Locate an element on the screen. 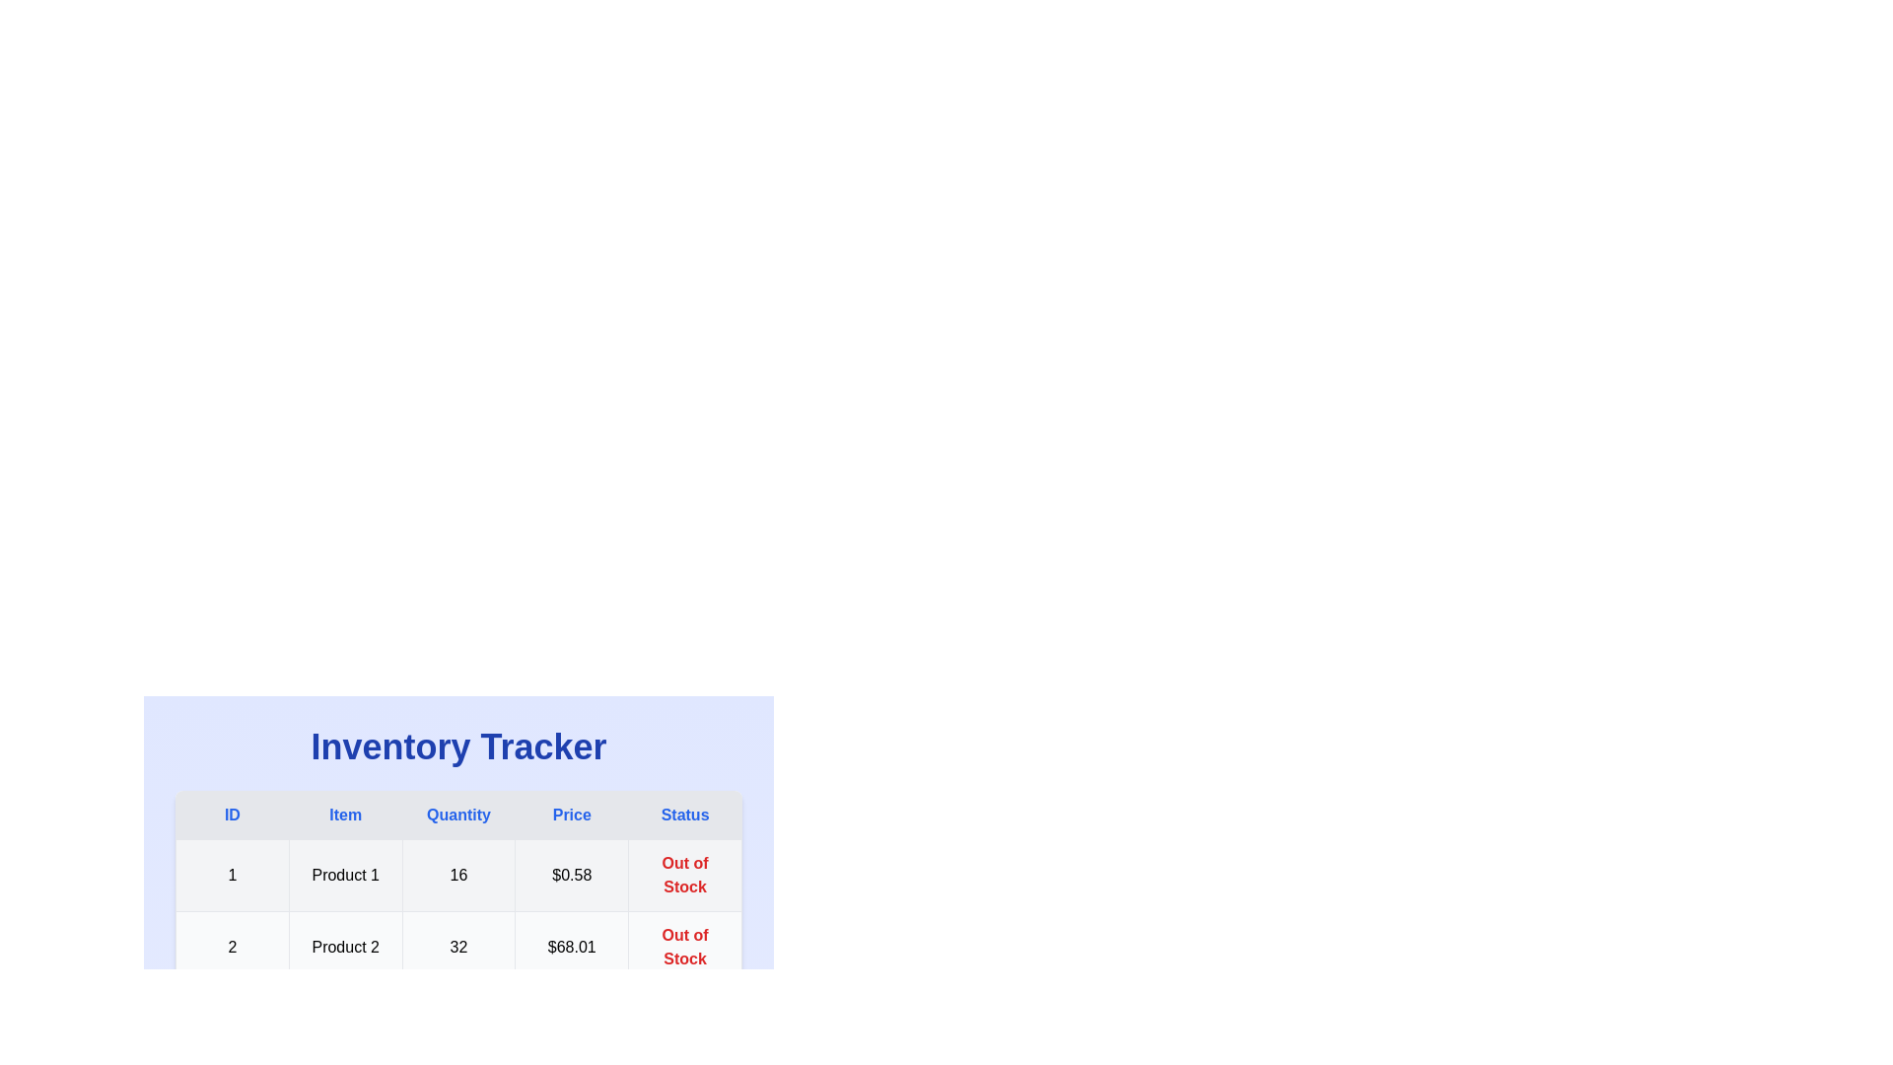 This screenshot has width=1893, height=1065. the row corresponding to 1 is located at coordinates (457, 874).